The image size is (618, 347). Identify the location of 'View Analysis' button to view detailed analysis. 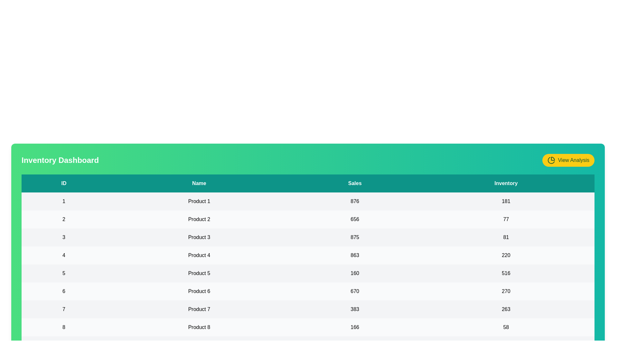
(568, 160).